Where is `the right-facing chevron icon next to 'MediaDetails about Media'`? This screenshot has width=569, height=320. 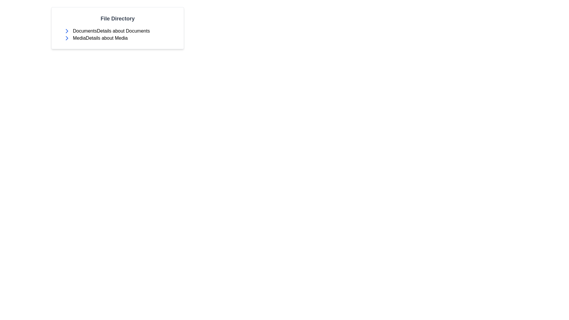 the right-facing chevron icon next to 'MediaDetails about Media' is located at coordinates (67, 31).